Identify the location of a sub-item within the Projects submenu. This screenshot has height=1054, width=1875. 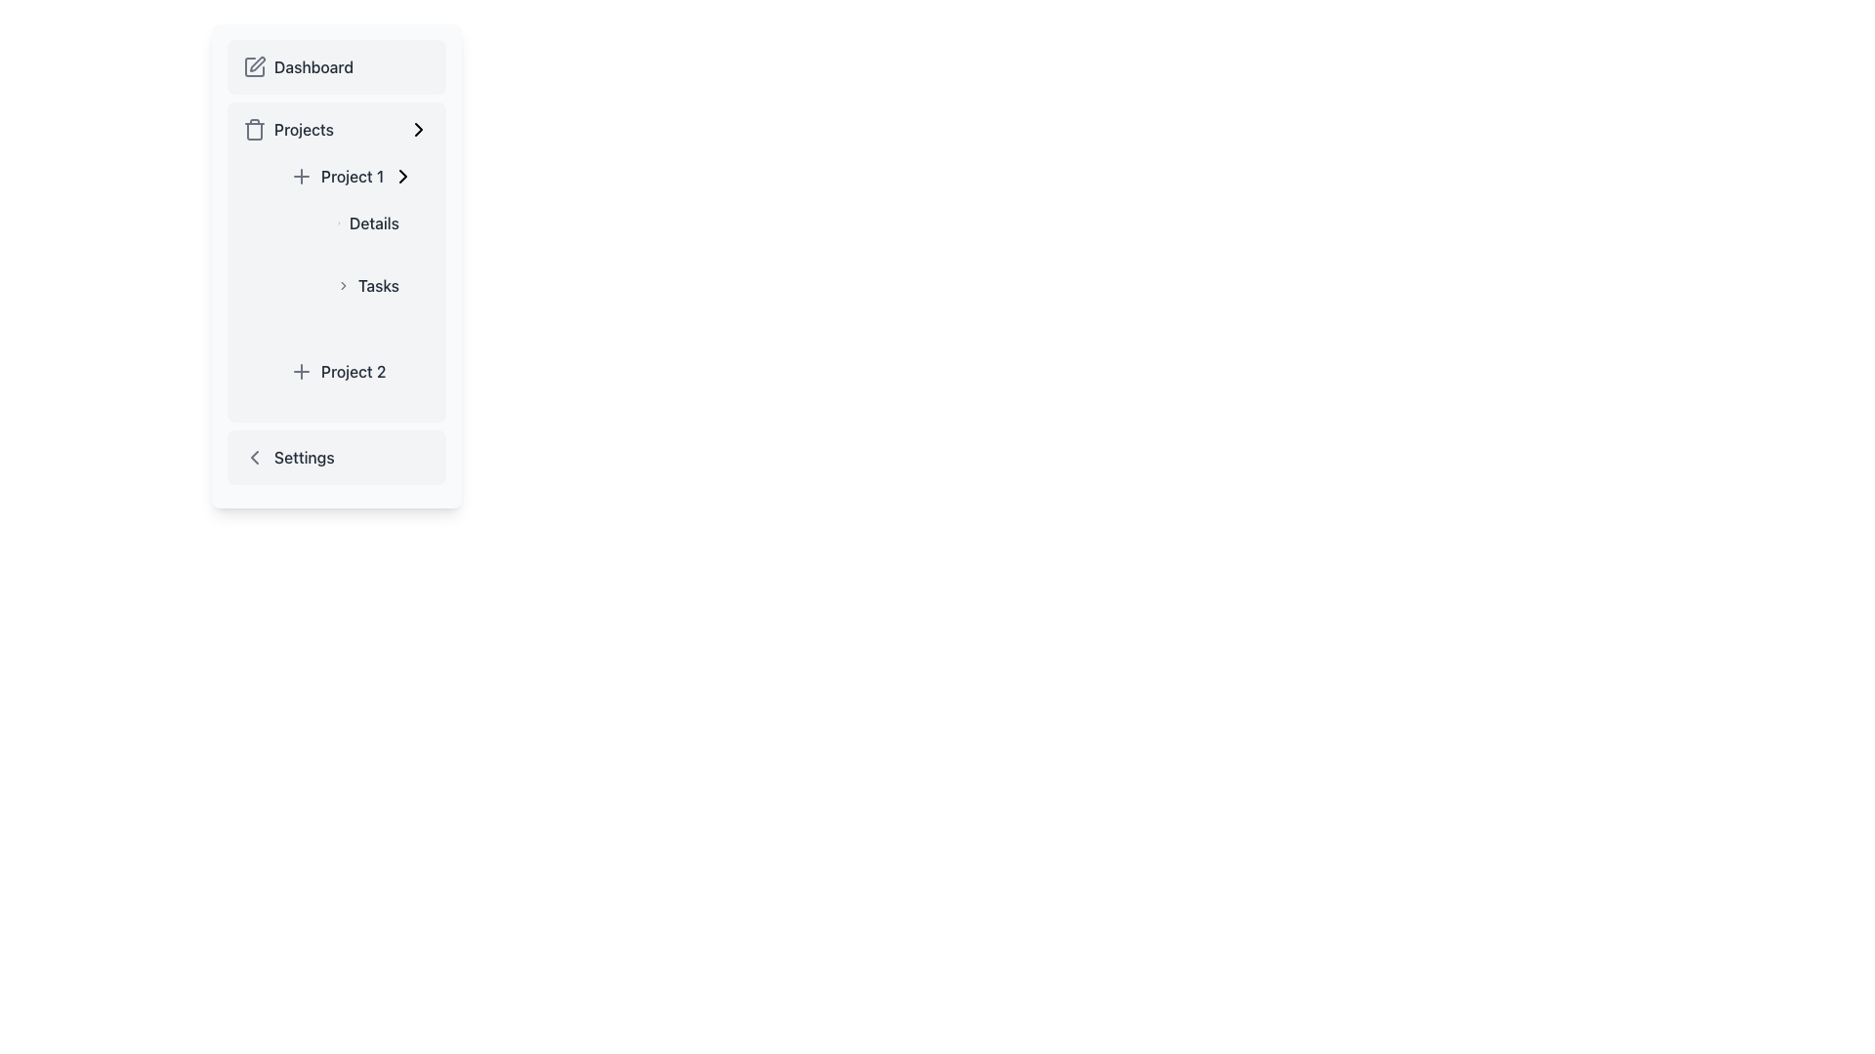
(345, 274).